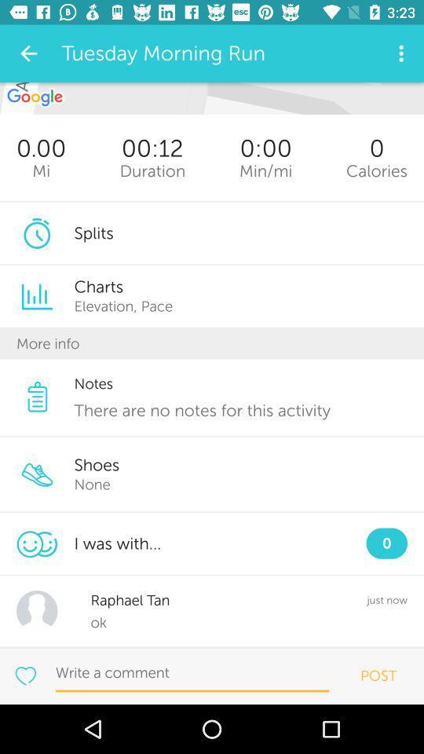  Describe the element at coordinates (265, 170) in the screenshot. I see `the icon below 0:00` at that location.